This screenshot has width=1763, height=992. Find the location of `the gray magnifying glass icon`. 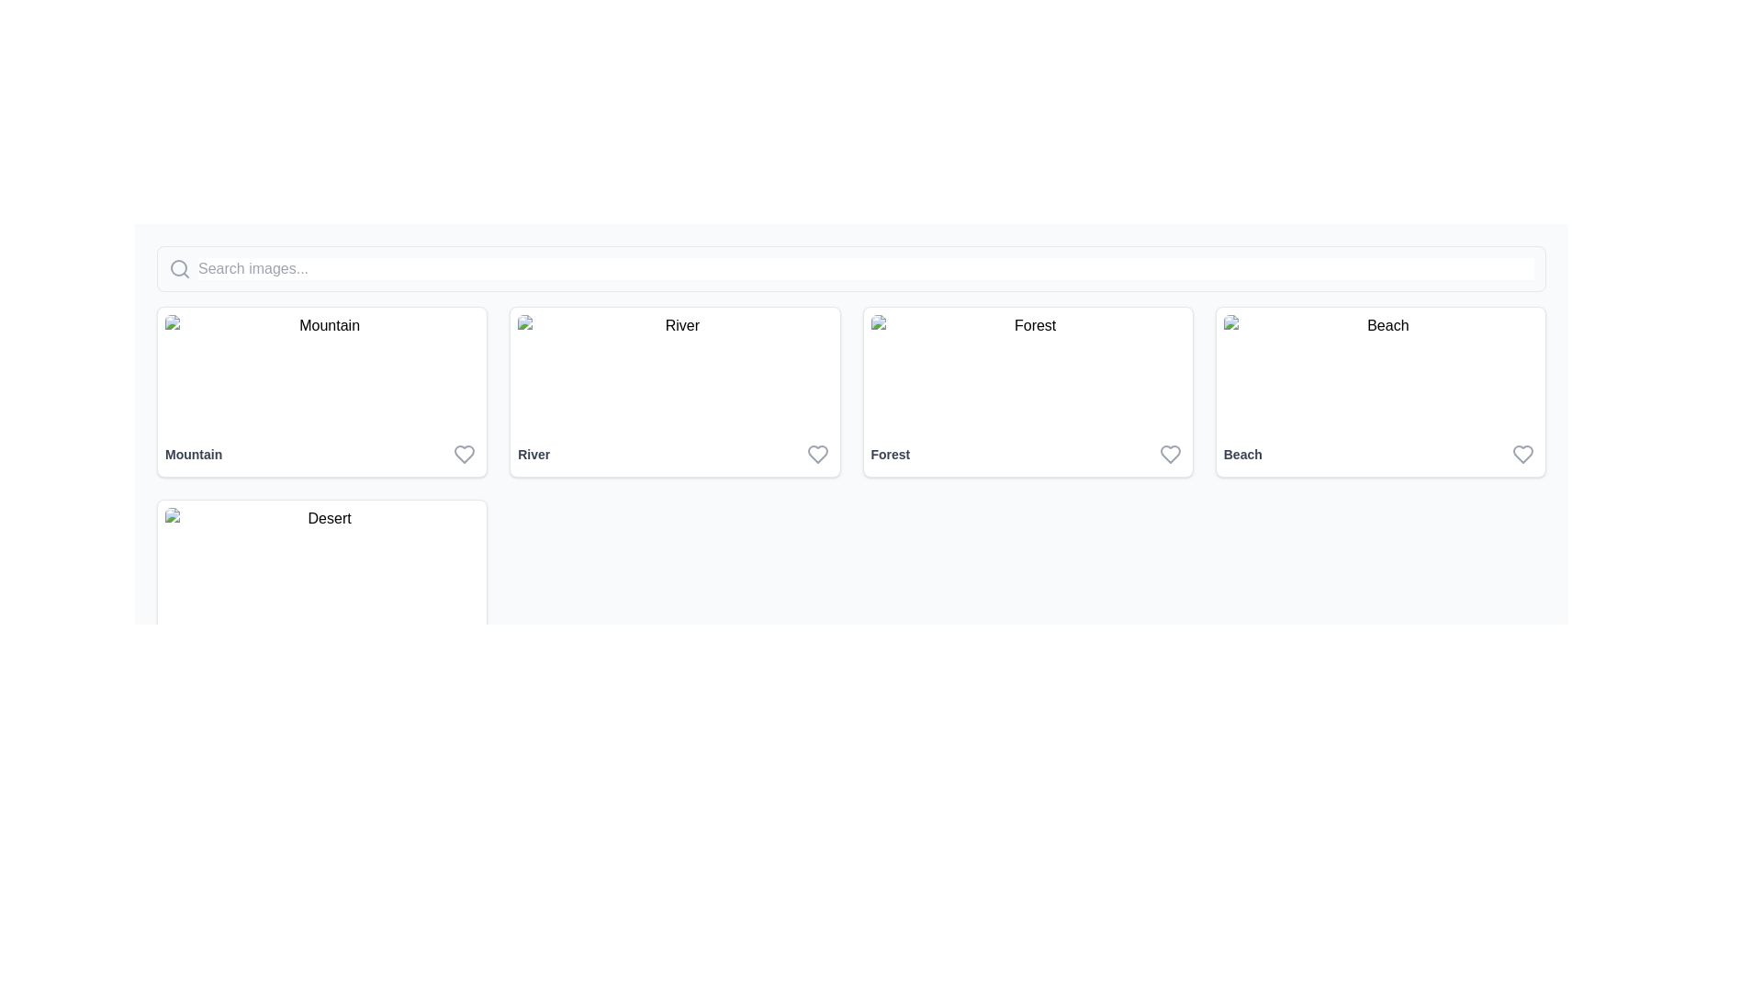

the gray magnifying glass icon is located at coordinates (180, 269).